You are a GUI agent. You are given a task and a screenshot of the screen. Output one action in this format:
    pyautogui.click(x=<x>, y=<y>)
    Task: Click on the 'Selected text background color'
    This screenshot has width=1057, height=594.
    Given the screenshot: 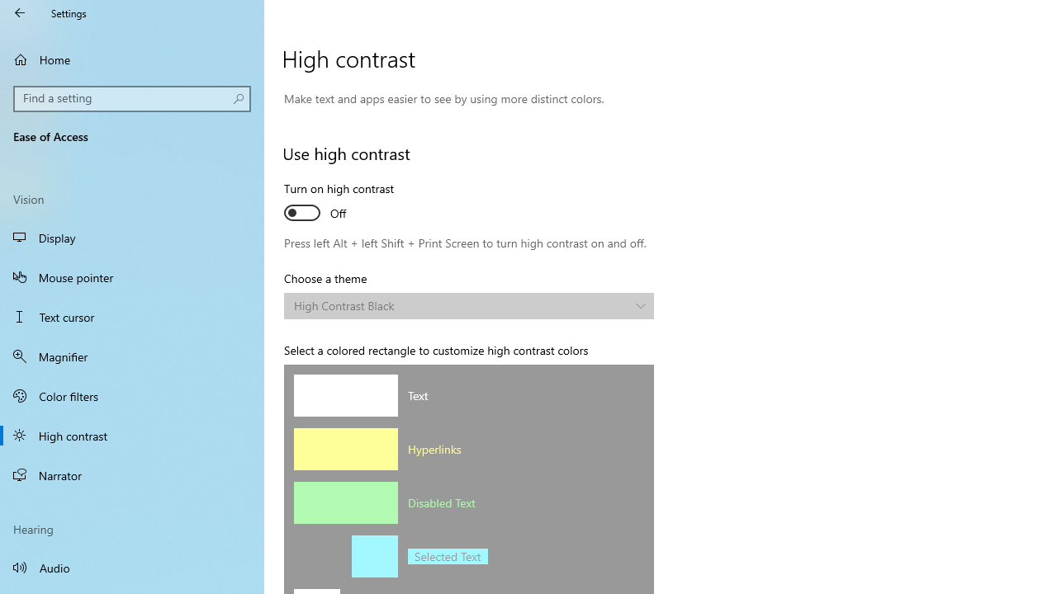 What is the action you would take?
    pyautogui.click(x=373, y=556)
    